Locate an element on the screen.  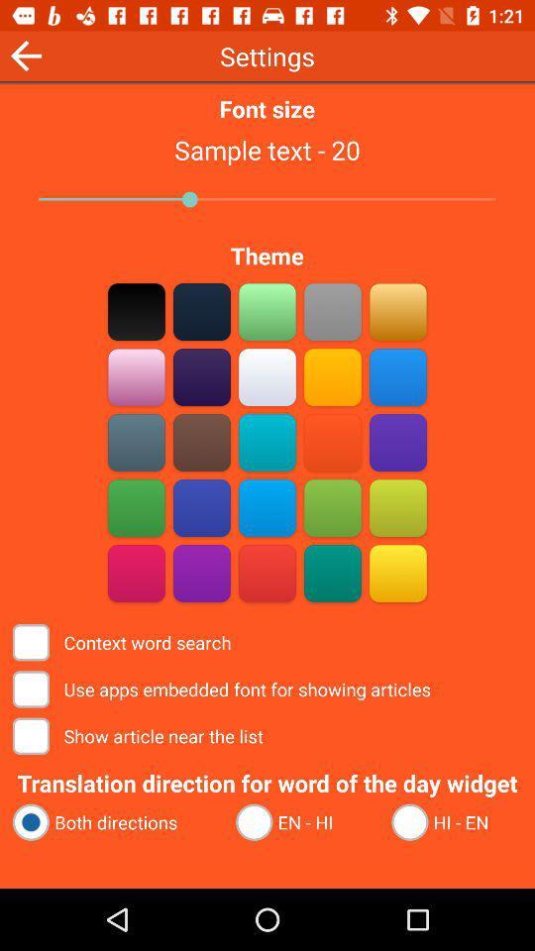
item above translation direction for icon is located at coordinates (139, 735).